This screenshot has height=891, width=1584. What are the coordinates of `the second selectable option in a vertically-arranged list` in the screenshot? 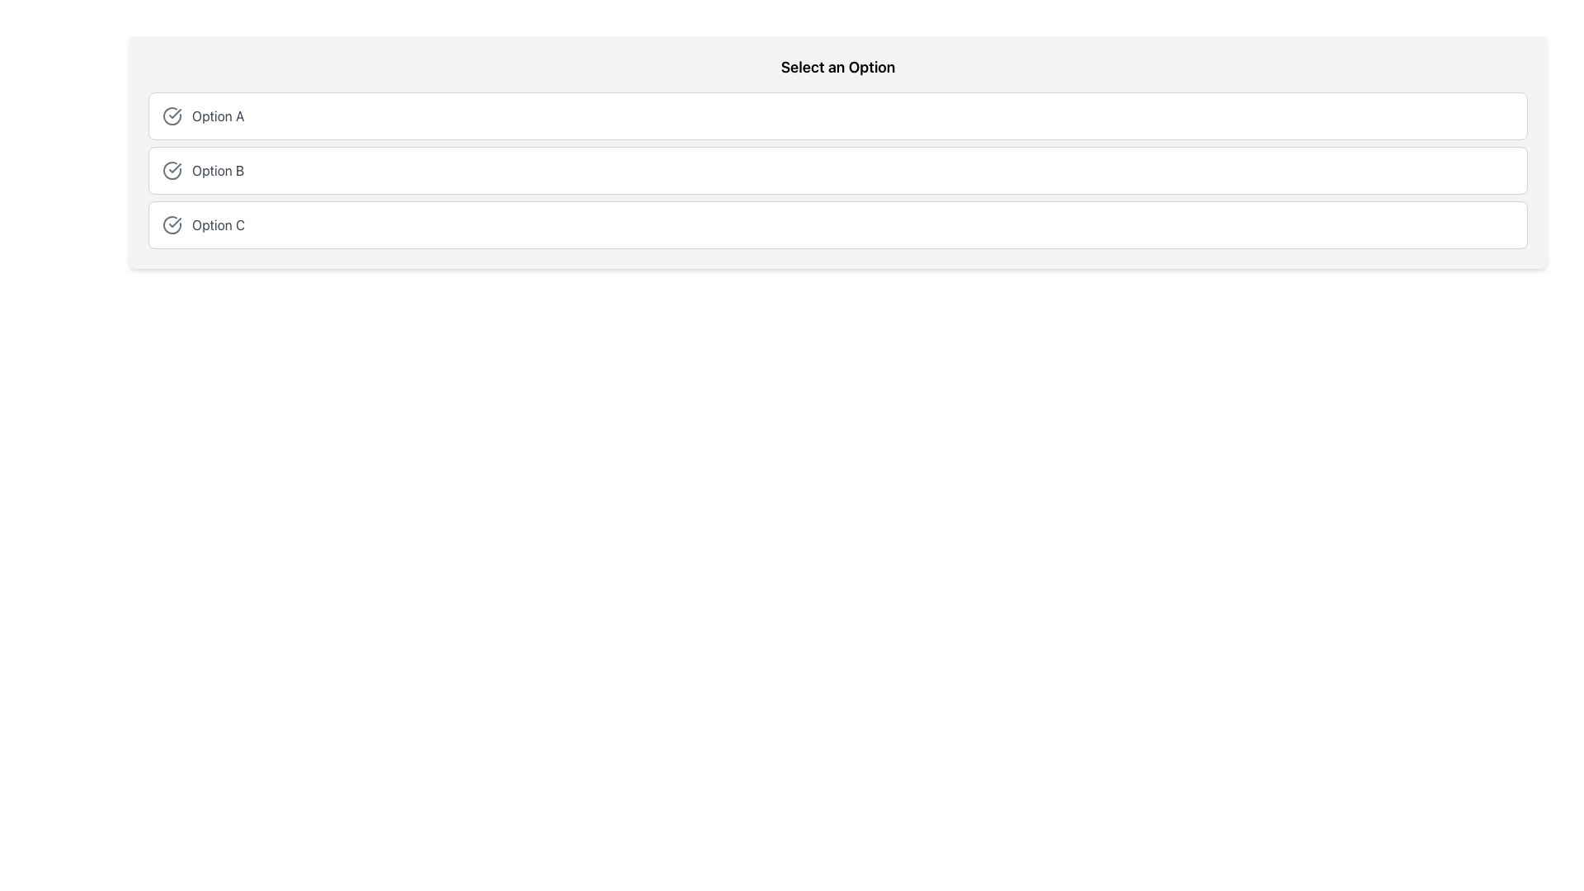 It's located at (838, 171).